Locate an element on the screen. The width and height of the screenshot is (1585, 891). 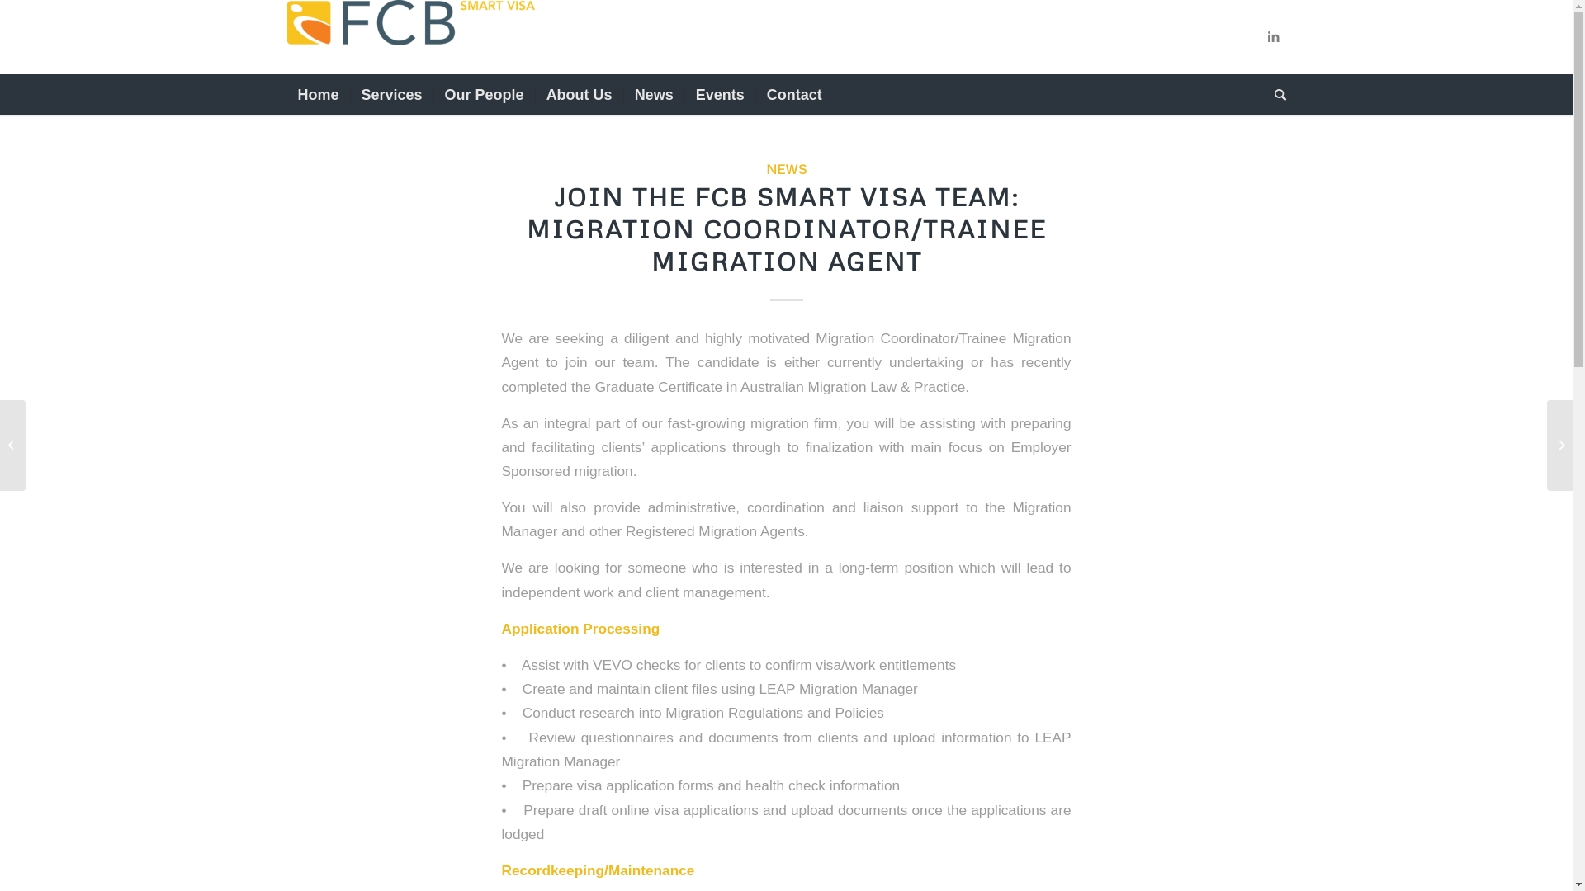
'Contact' is located at coordinates (793, 95).